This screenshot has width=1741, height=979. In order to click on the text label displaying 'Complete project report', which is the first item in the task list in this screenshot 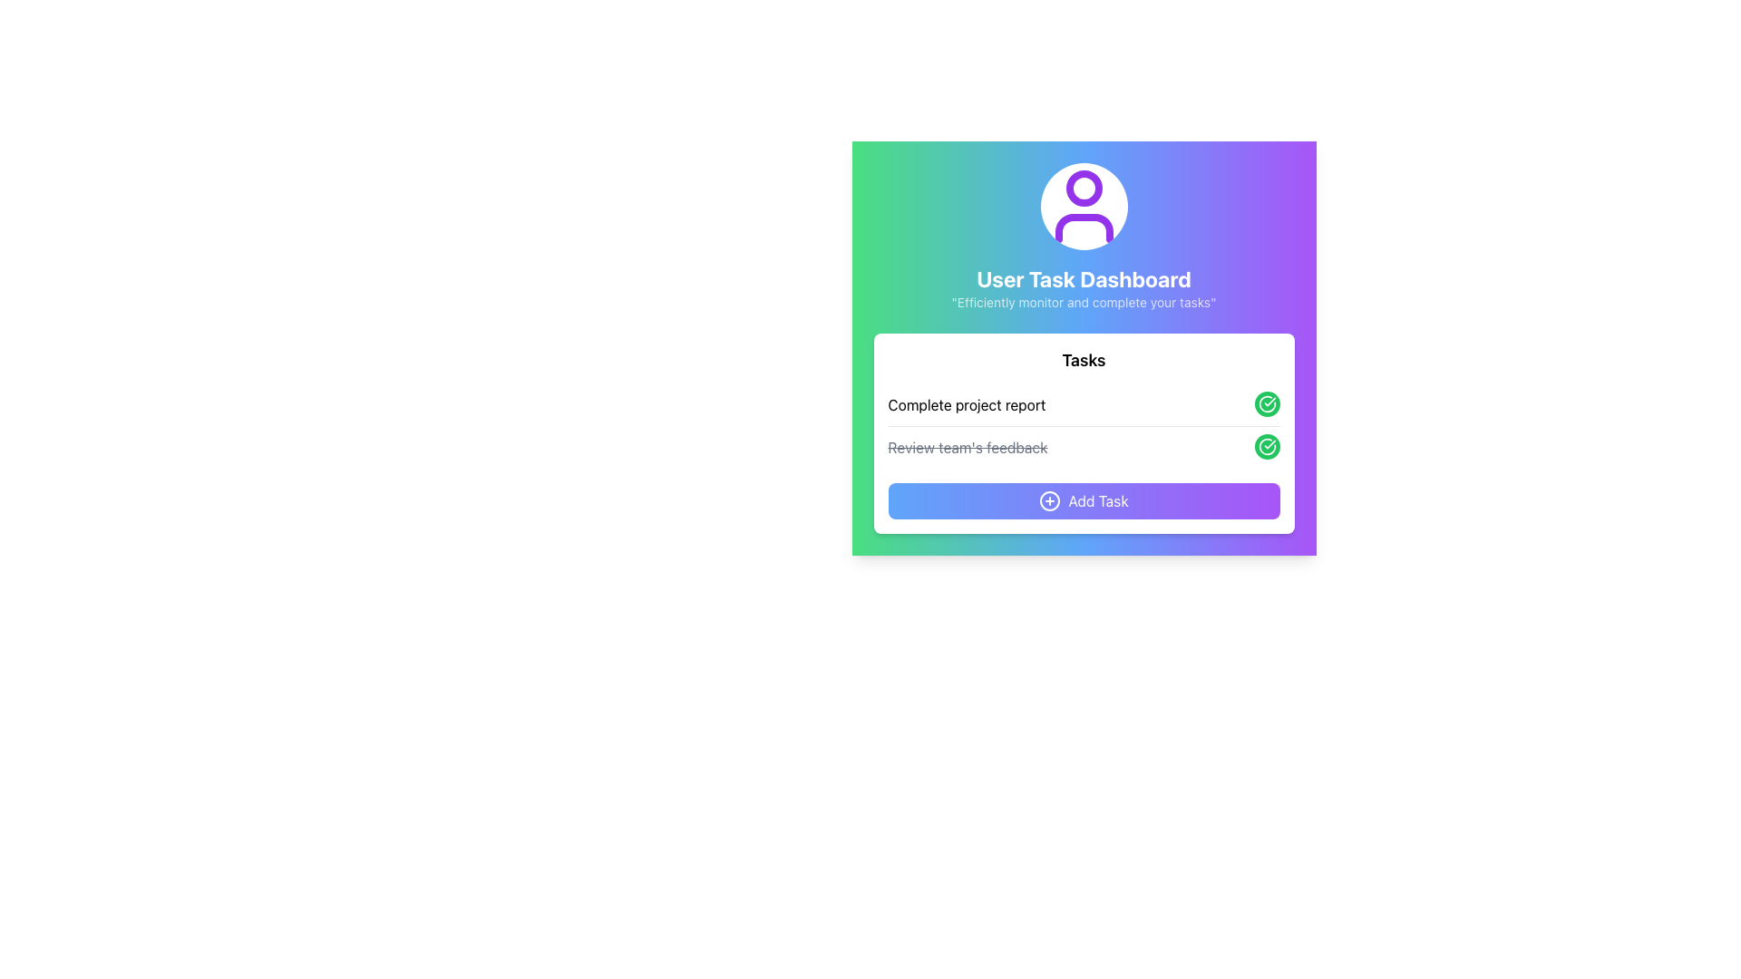, I will do `click(966, 404)`.